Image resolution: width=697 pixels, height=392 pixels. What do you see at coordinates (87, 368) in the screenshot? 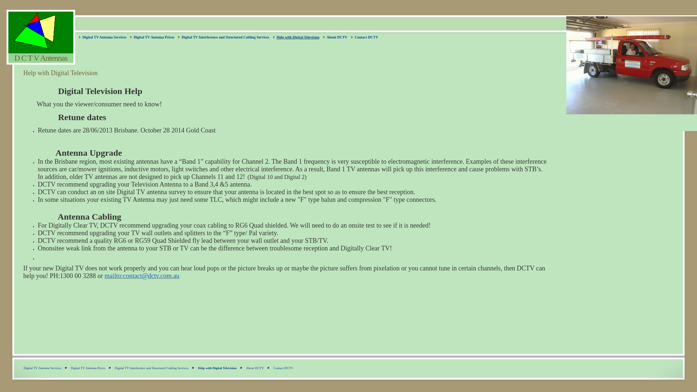
I see `'Digital TV Antenna Prices'` at bounding box center [87, 368].